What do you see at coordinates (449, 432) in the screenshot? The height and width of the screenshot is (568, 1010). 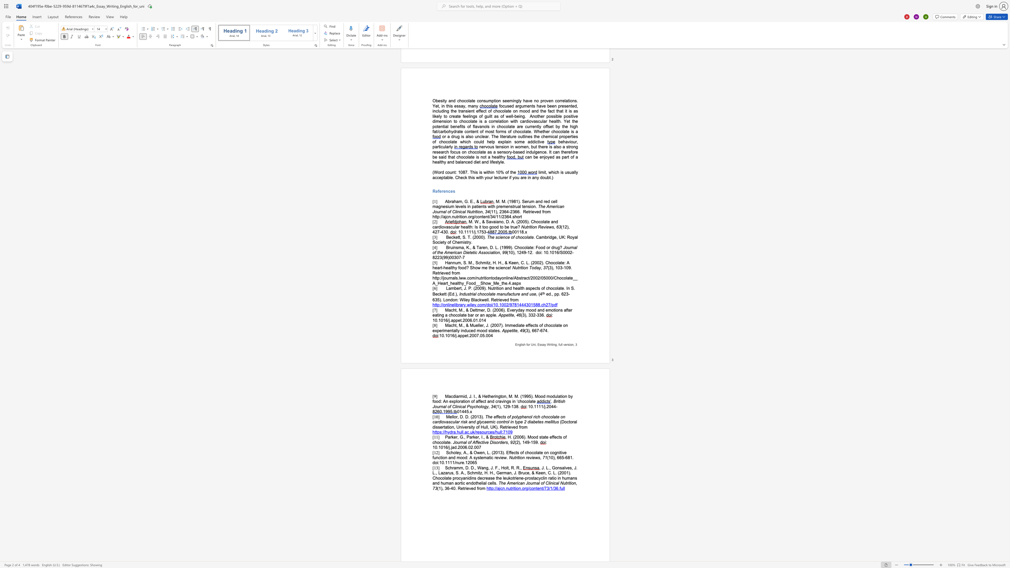 I see `the subset text "dra.hull.ac" within the text "https://hydra.hull.ac.uk/resources/hull:7109"` at bounding box center [449, 432].